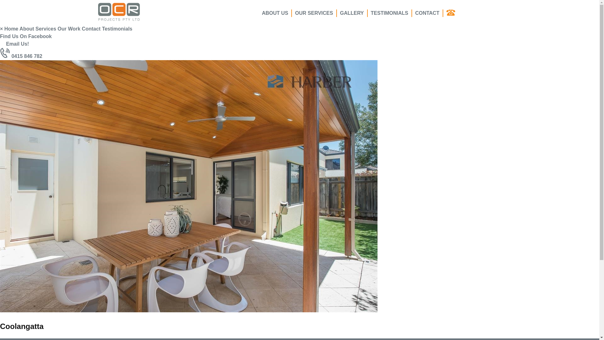  I want to click on 'ABOUT US', so click(275, 13).